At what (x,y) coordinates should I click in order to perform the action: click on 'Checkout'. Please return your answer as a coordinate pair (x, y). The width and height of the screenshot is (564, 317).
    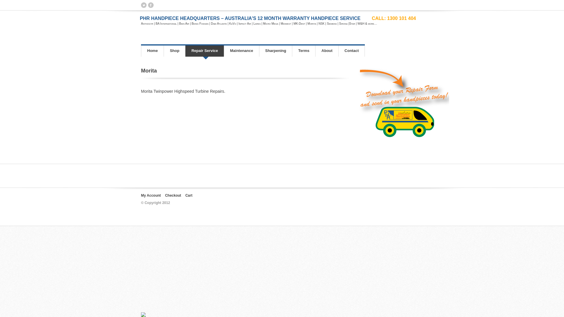
    Looking at the image, I should click on (164, 195).